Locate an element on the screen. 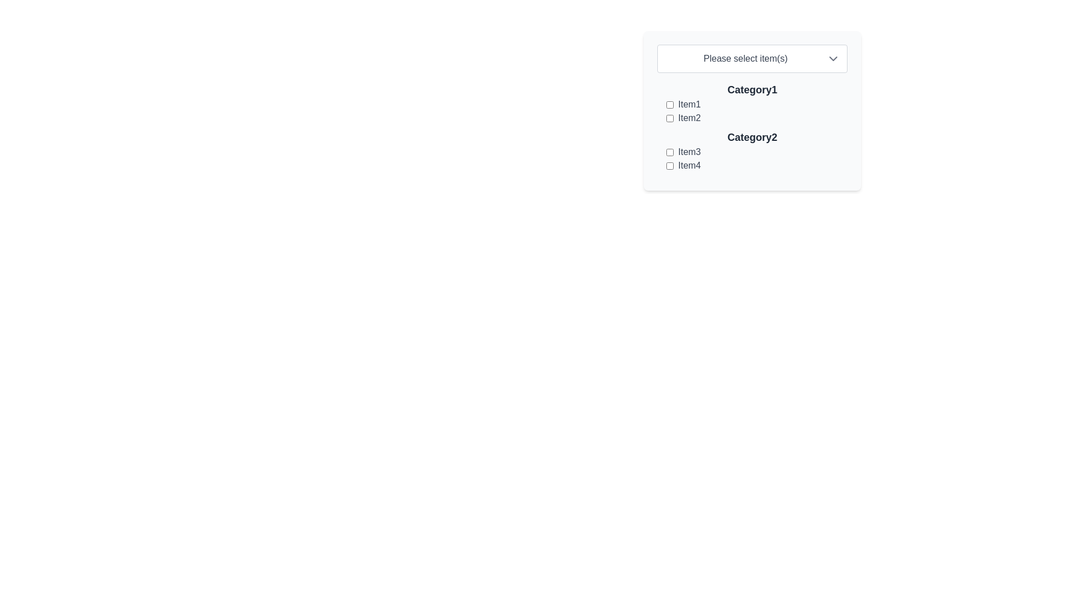 The width and height of the screenshot is (1087, 611). the label associated with the checkbox under 'Category2', which is the first item in the subcategory is located at coordinates (689, 152).